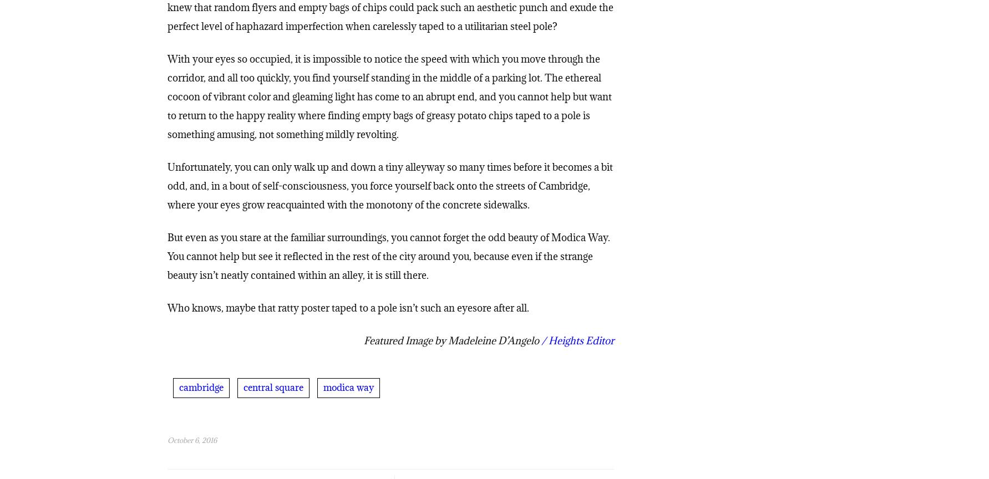  I want to click on 'Unfortunately, you can only walk up and down a tiny alleyway so many times before it becomes a bit odd, and, in a bout of self-consciousness, you force yourself back onto the streets of Cambridge, where your eyes grow reacquainted with the monotony of the concrete sidewalks.', so click(166, 187).